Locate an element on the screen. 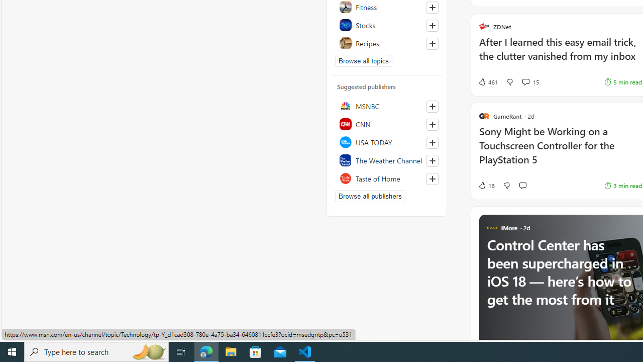 The width and height of the screenshot is (643, 362). 'Browse all publishers' is located at coordinates (369, 196).